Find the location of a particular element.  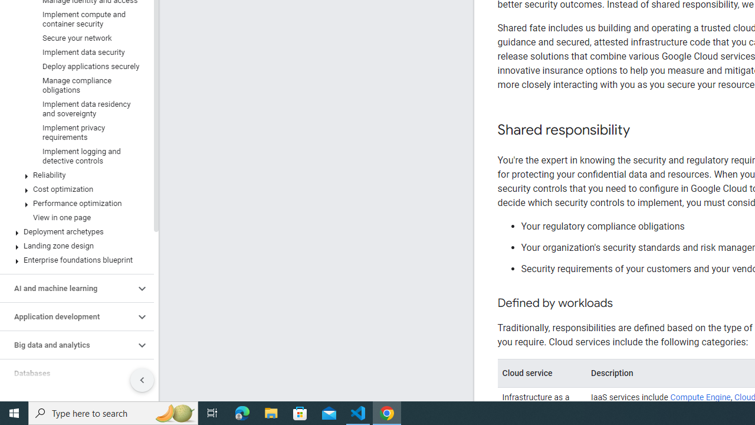

'Copy link to this section: Defined by workloads' is located at coordinates (623, 303).